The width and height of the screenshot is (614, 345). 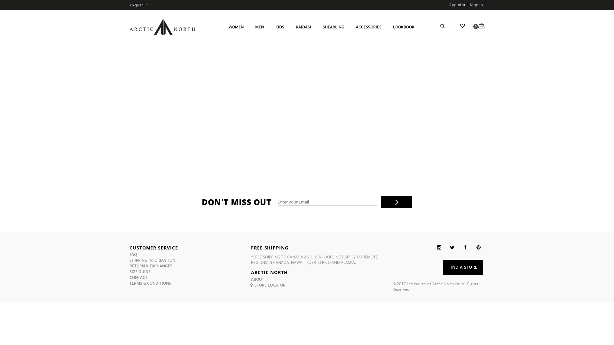 I want to click on 'Arctic North', so click(x=162, y=27).